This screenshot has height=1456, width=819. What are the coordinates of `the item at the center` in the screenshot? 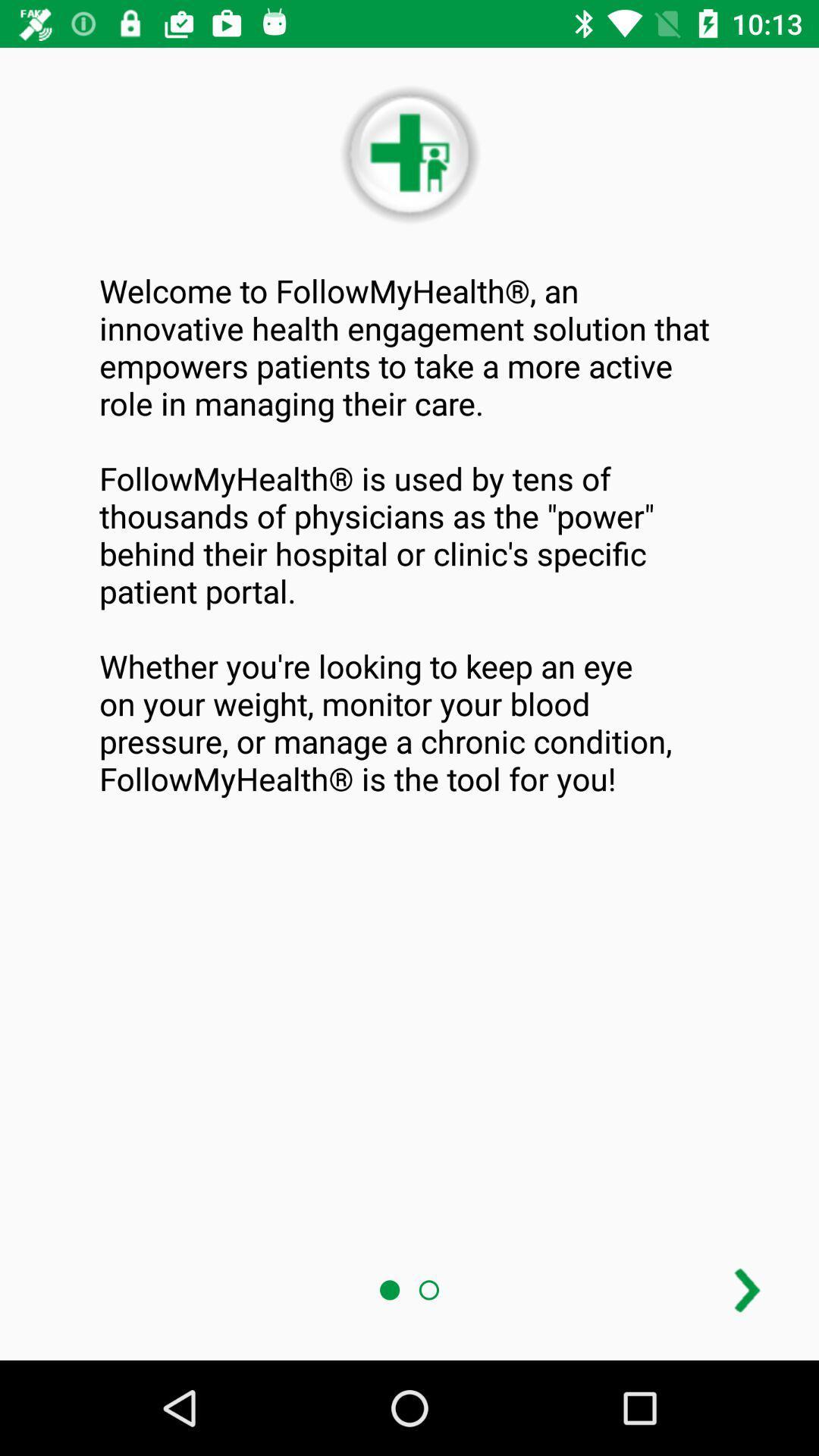 It's located at (409, 535).